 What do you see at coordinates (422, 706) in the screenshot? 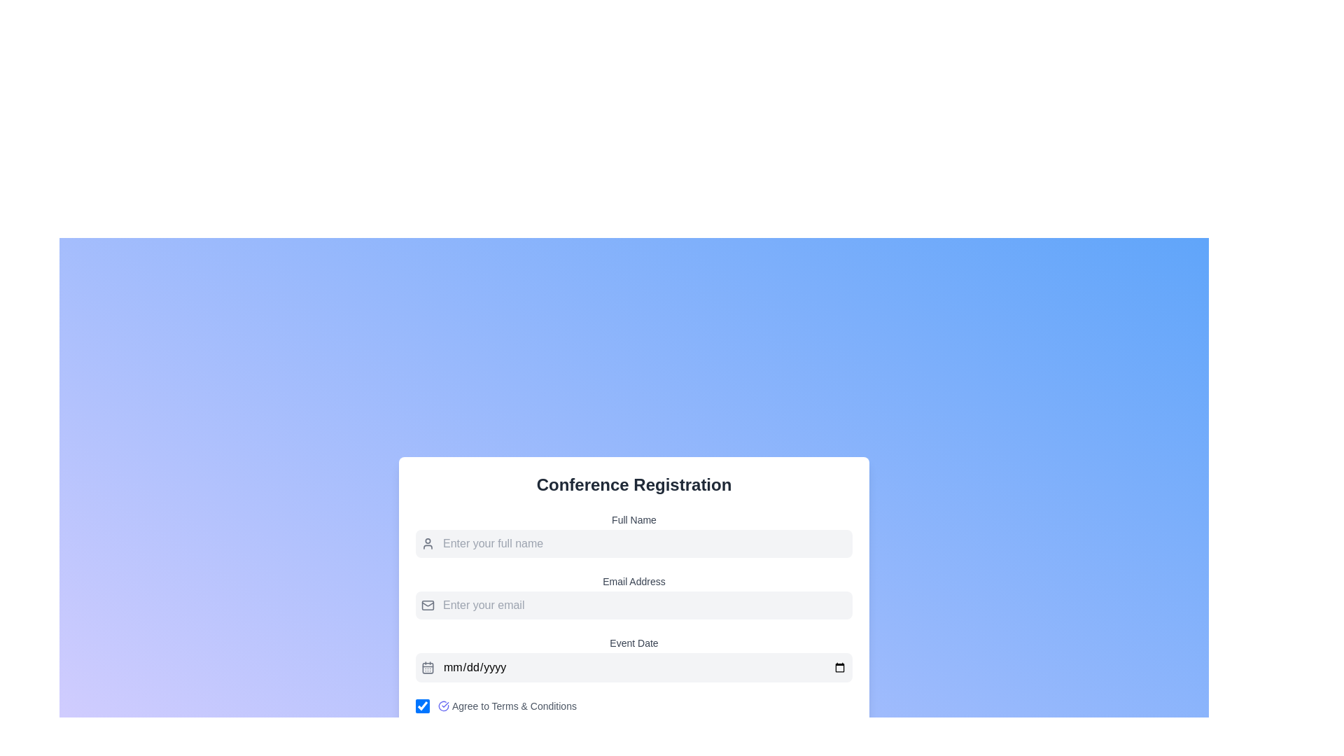
I see `the checkbox` at bounding box center [422, 706].